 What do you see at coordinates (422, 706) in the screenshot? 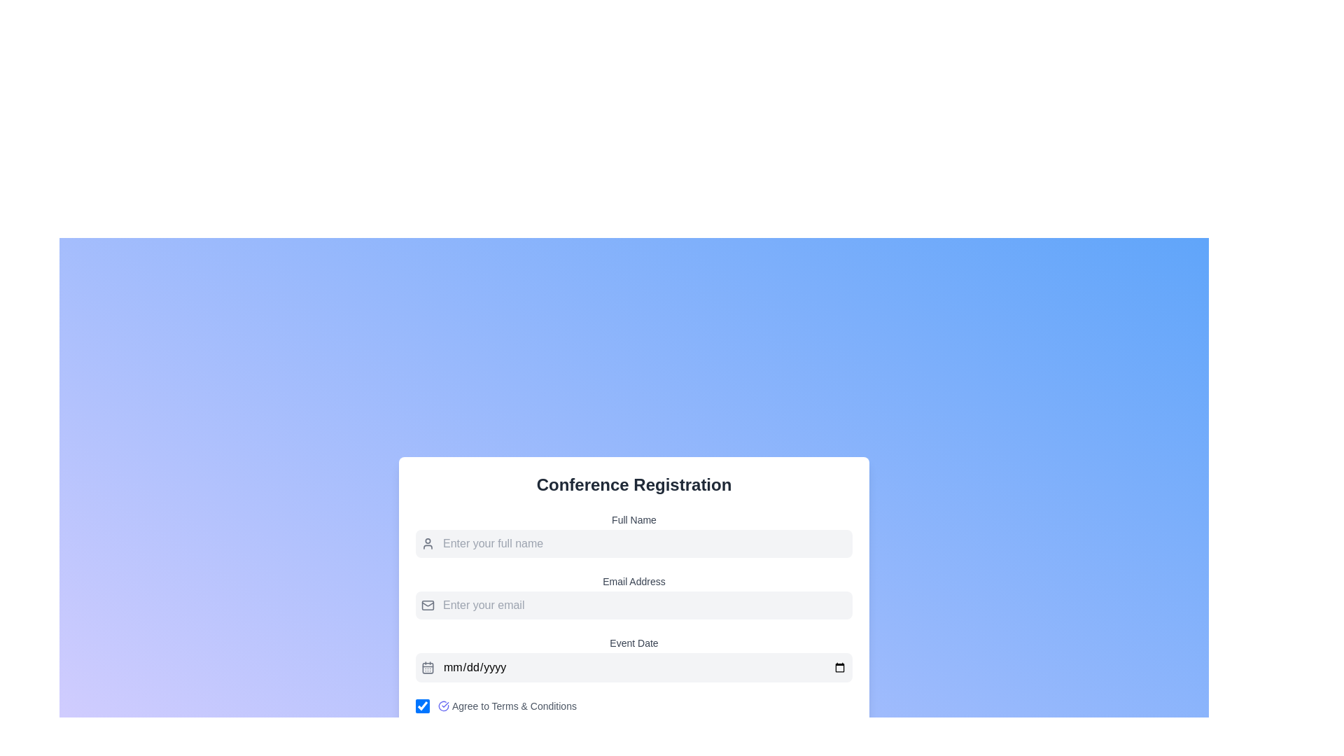
I see `the checkbox` at bounding box center [422, 706].